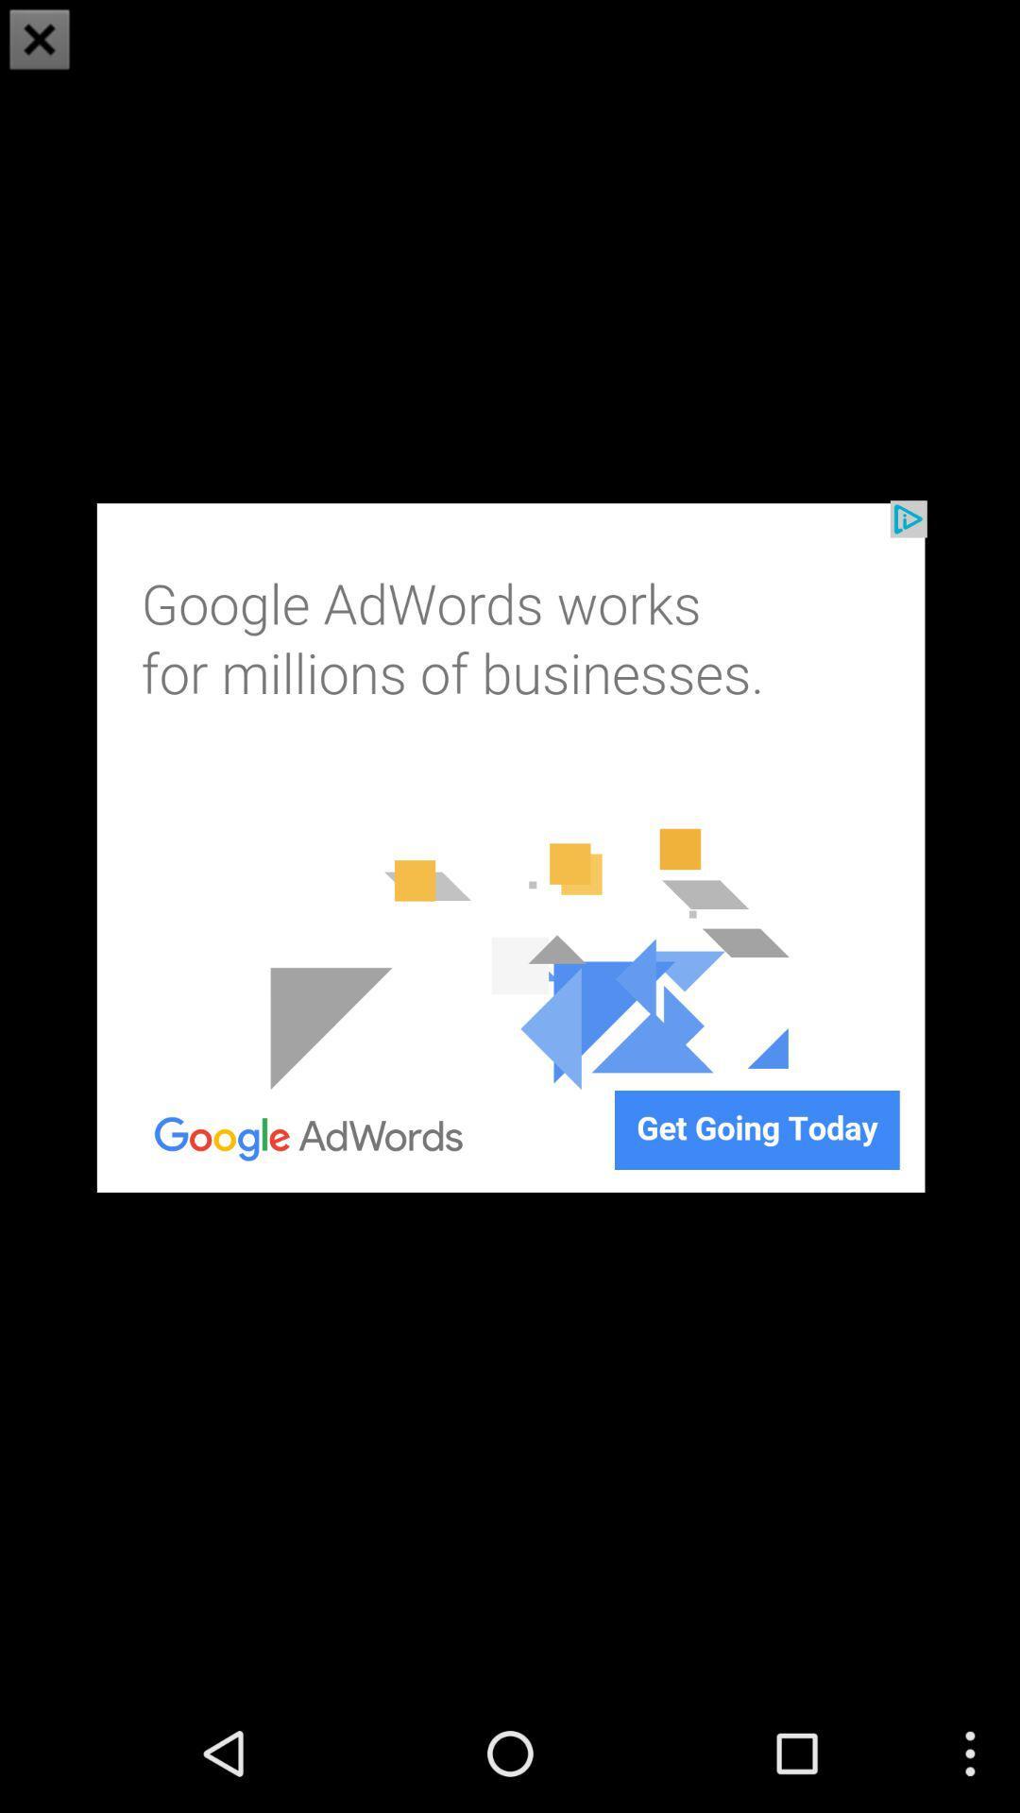 The image size is (1020, 1813). I want to click on the close icon, so click(40, 42).